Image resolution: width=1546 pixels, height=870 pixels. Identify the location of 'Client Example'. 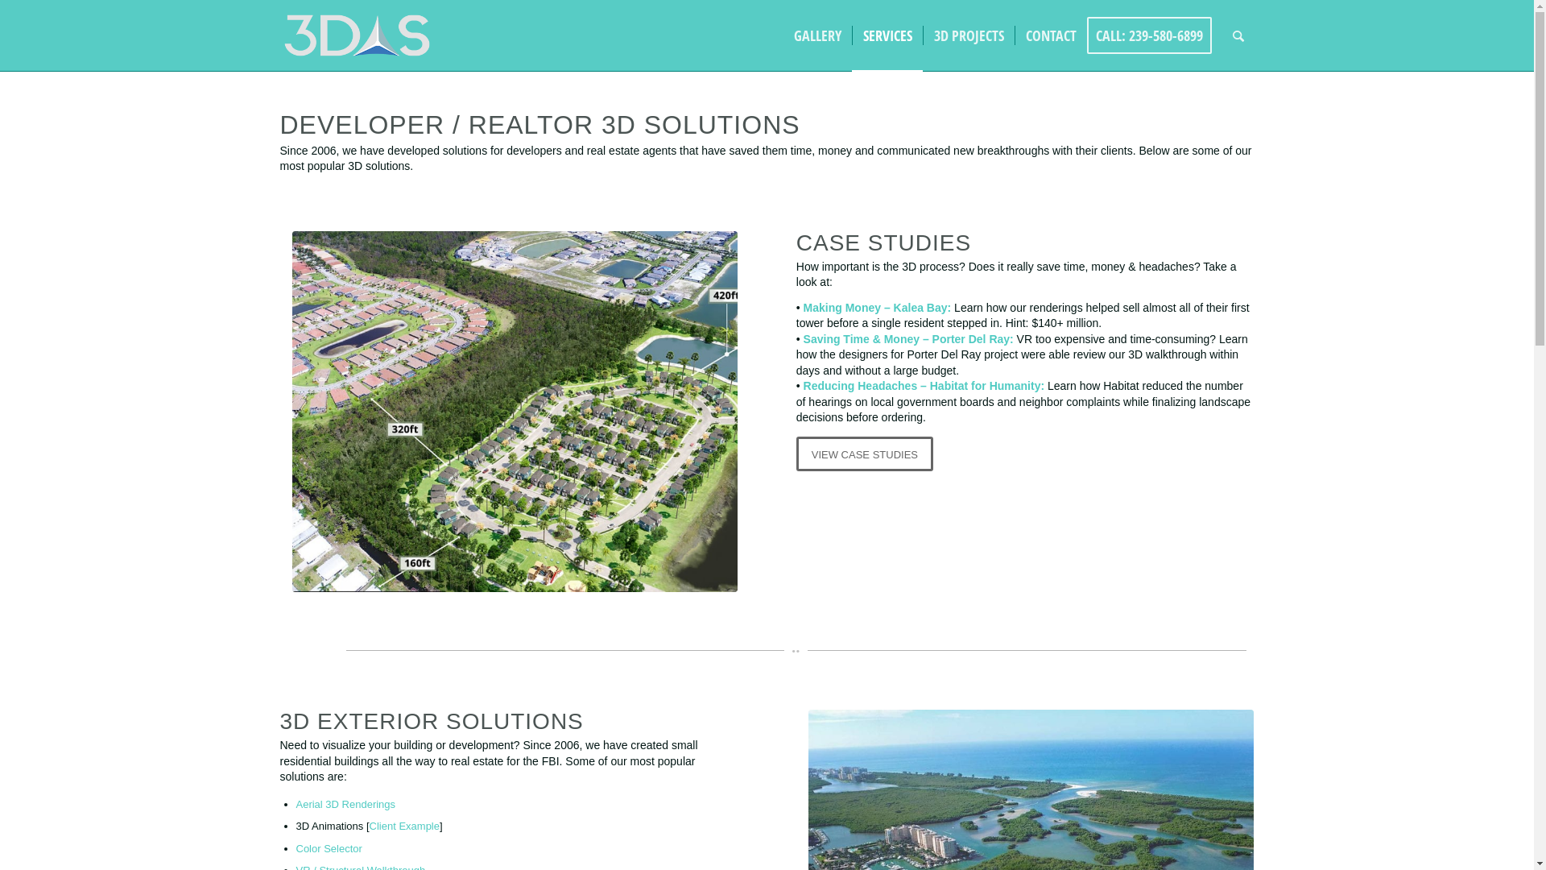
(369, 826).